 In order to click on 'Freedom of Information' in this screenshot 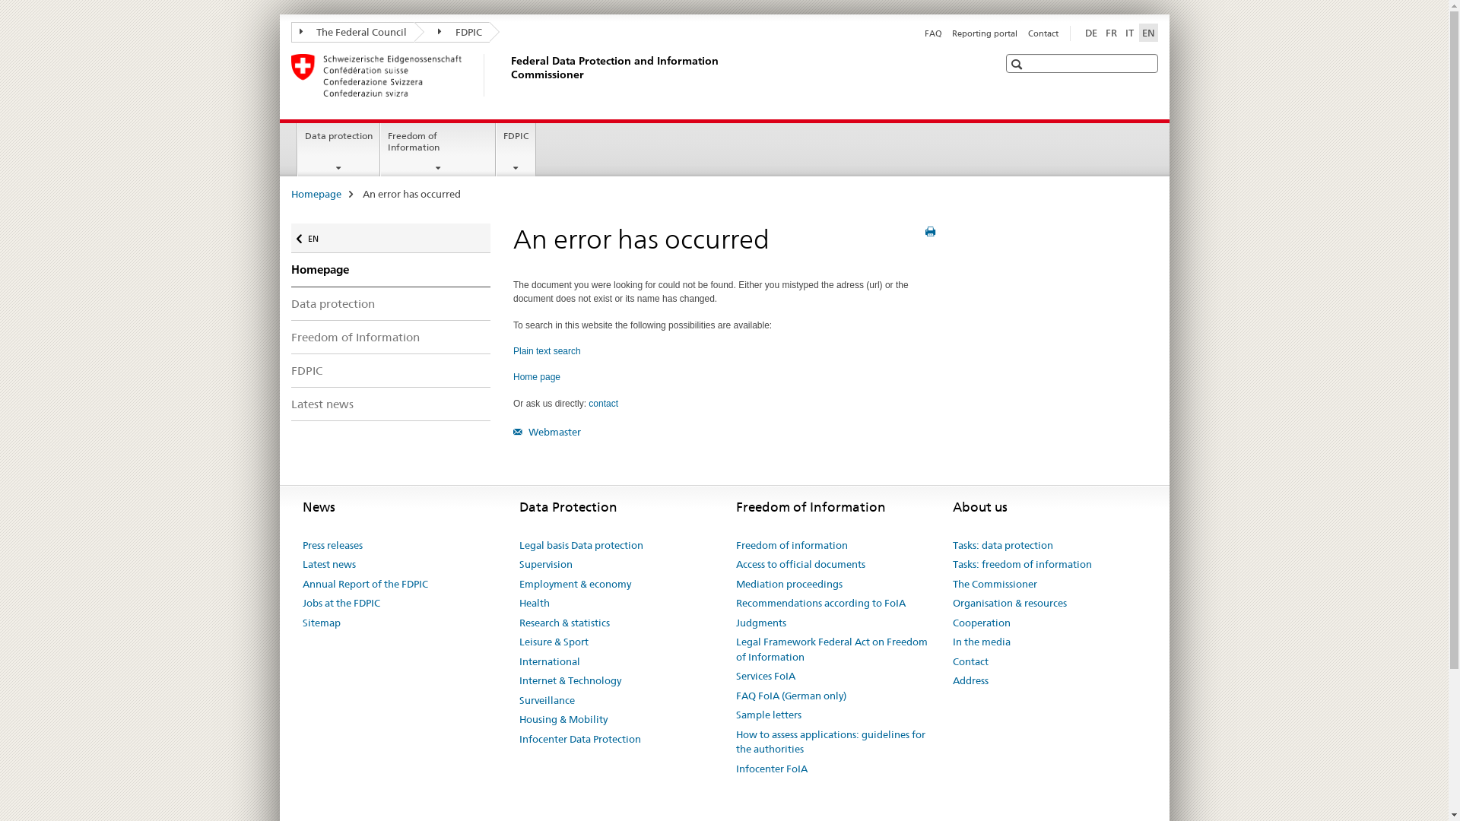, I will do `click(437, 149)`.